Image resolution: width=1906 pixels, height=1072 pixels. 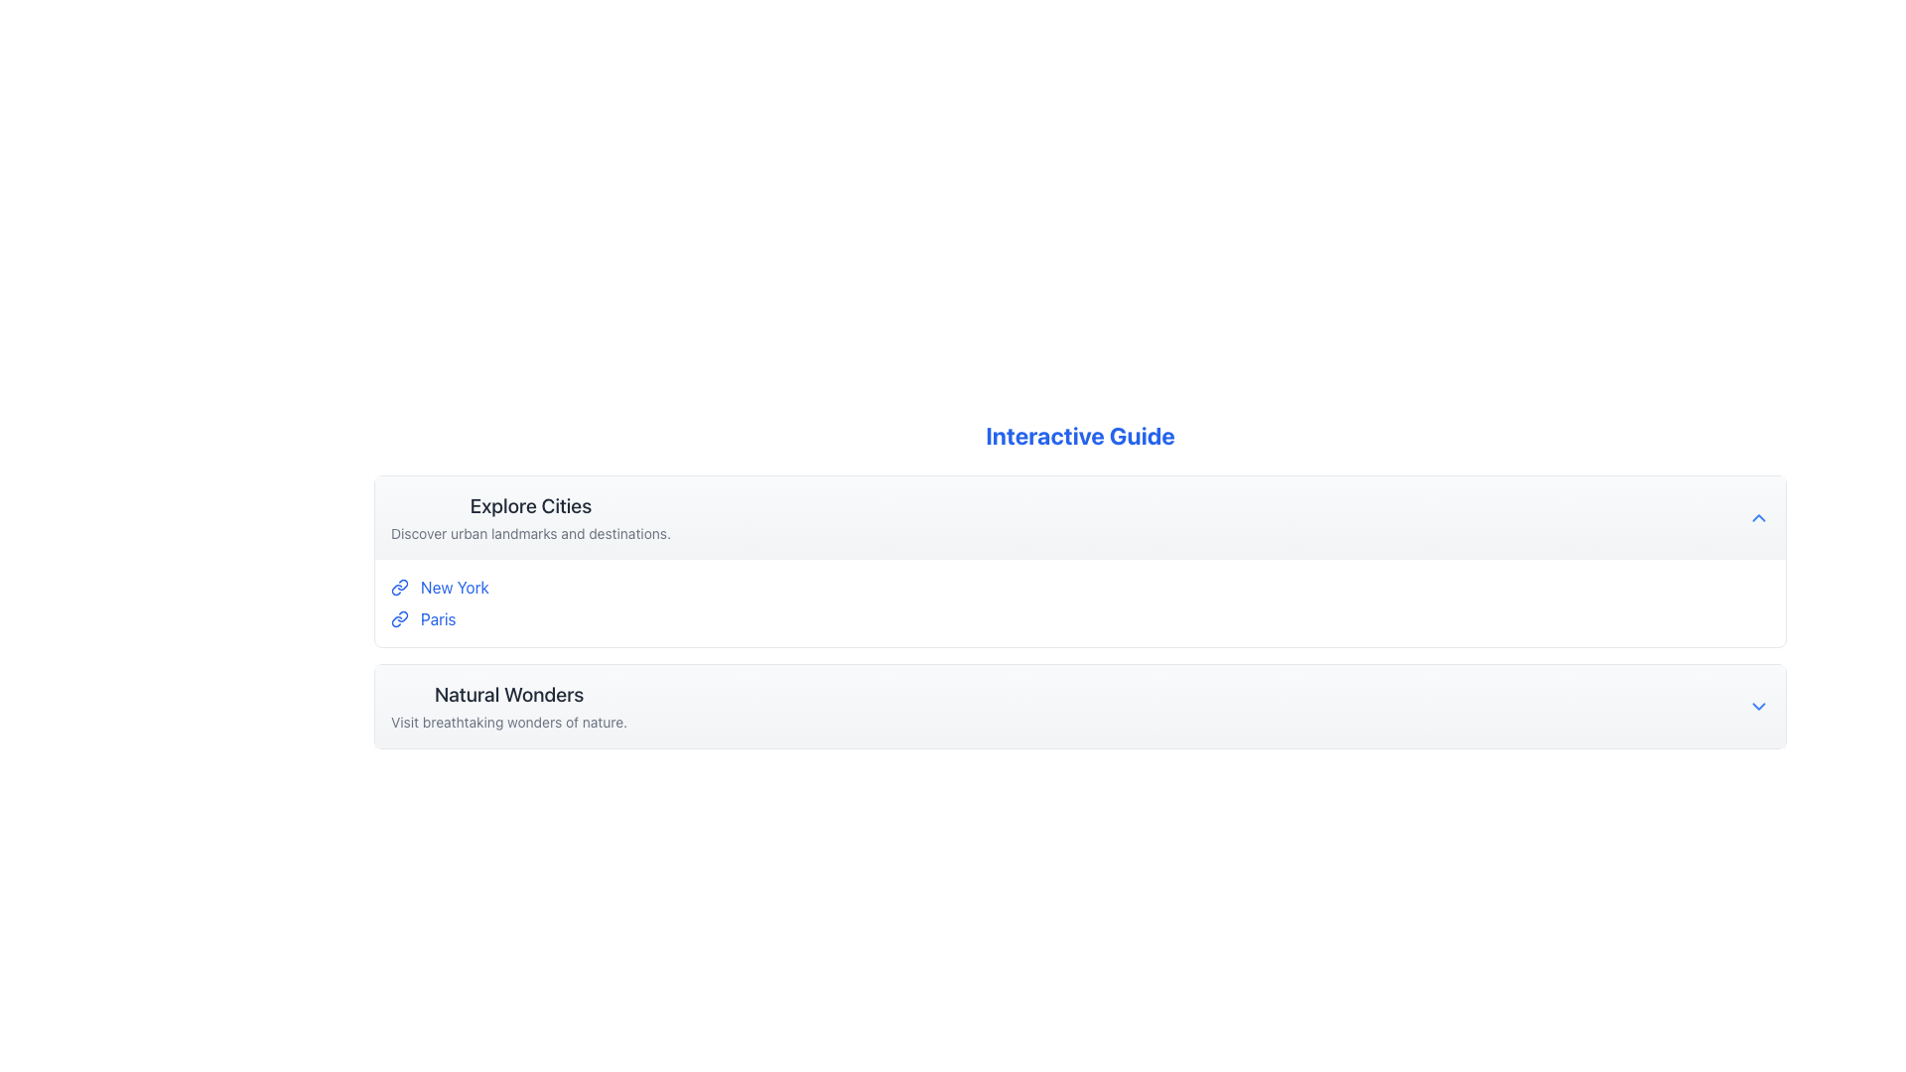 What do you see at coordinates (1758, 706) in the screenshot?
I see `the downward-pointing blue chevron icon located in the 'Natural Wonders' section, which is styled as a line drawing and positioned to the far right of the section` at bounding box center [1758, 706].